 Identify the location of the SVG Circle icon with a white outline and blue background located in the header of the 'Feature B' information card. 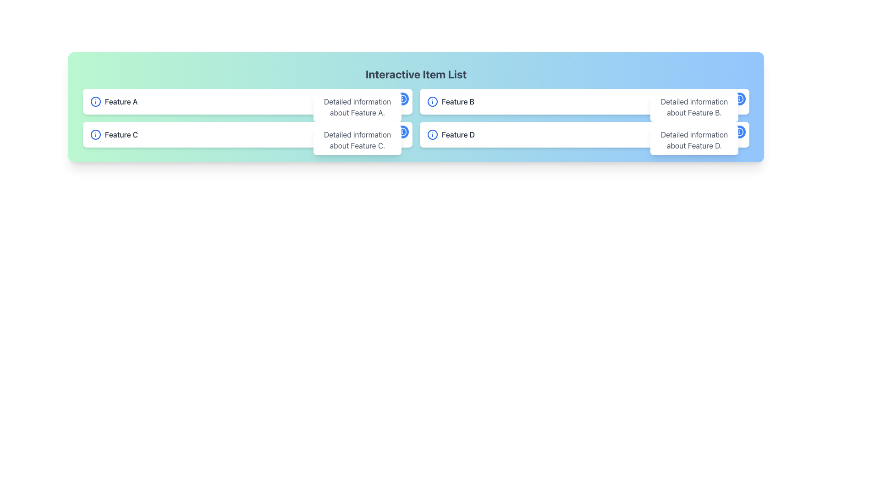
(402, 99).